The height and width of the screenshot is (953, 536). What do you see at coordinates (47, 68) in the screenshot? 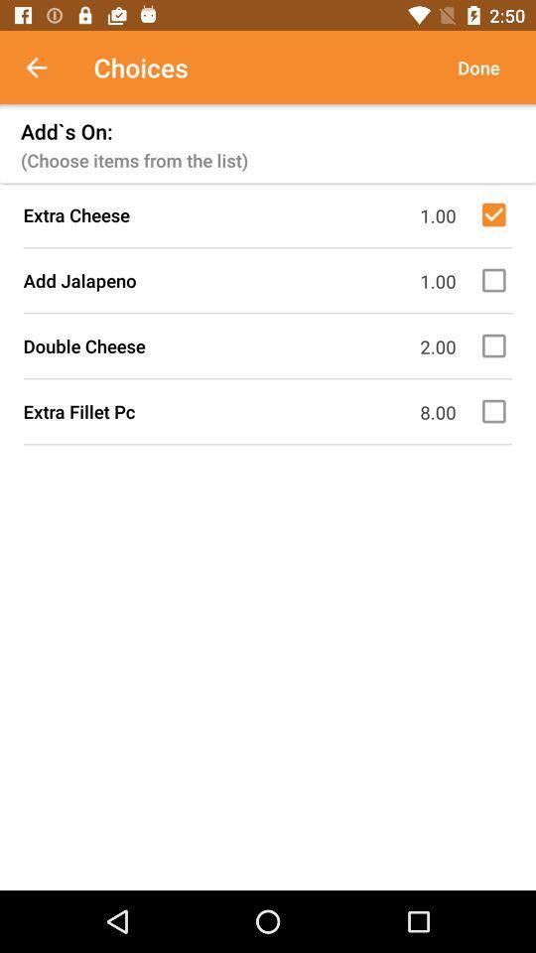
I see `go back` at bounding box center [47, 68].